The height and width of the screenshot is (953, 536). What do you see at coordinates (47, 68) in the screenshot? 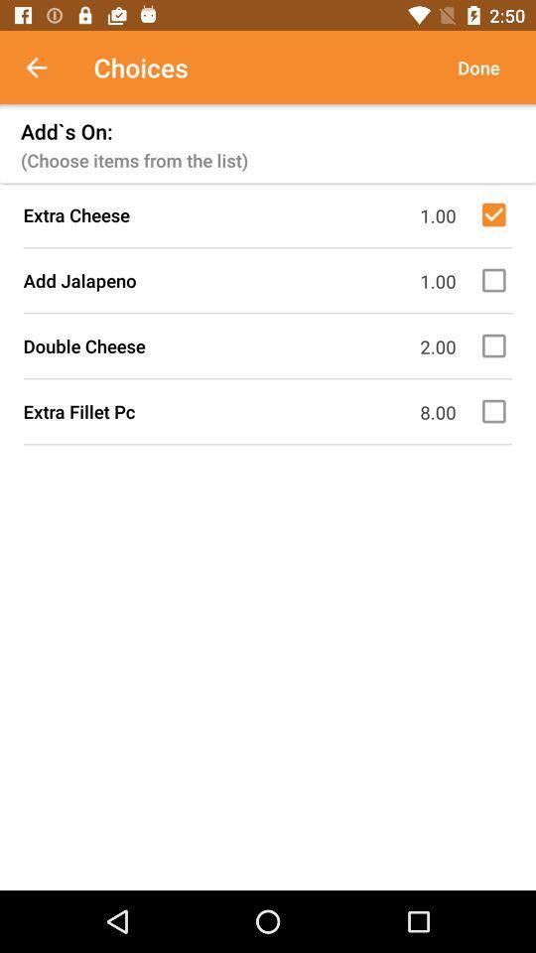
I see `go back` at bounding box center [47, 68].